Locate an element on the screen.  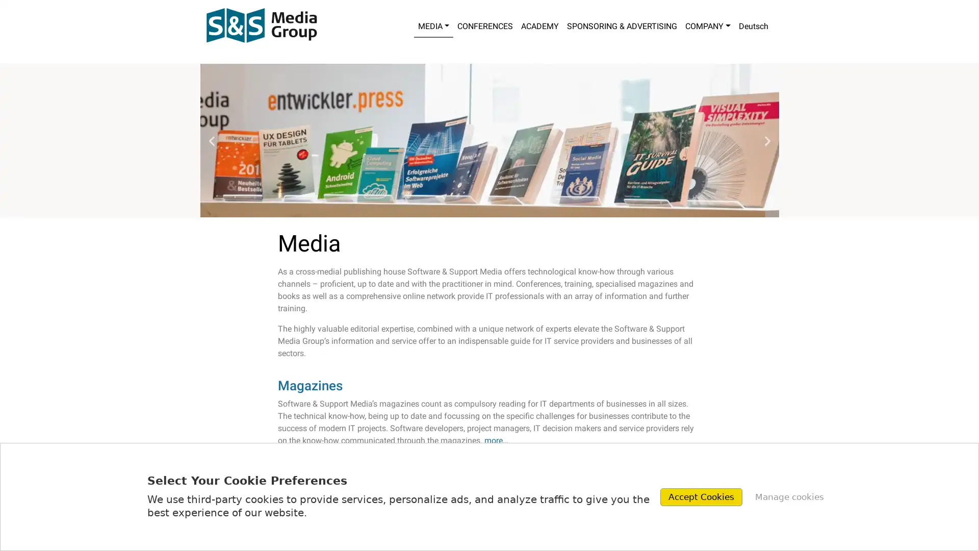
Next slide is located at coordinates (767, 140).